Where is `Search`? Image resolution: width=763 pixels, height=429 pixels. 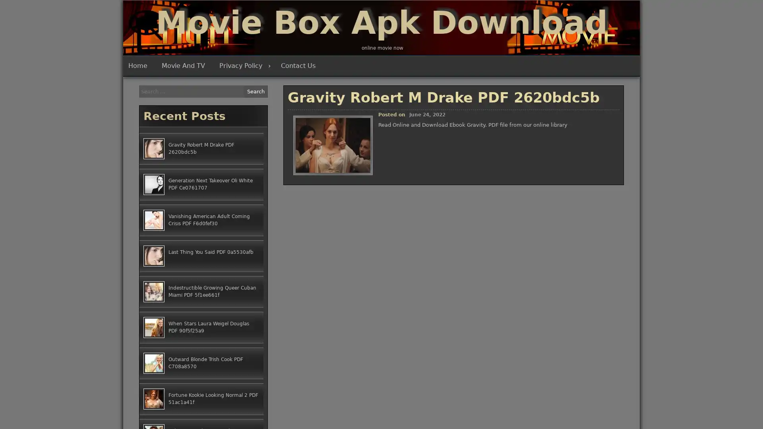 Search is located at coordinates (256, 91).